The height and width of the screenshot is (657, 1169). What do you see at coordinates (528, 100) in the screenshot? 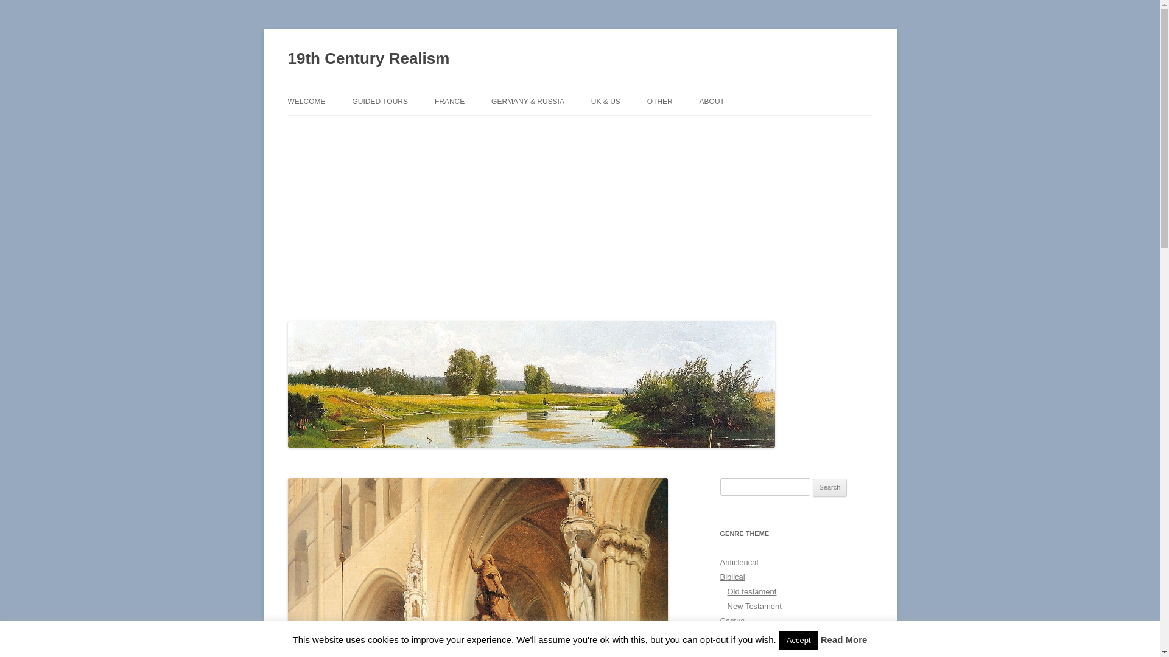
I see `'GERMANY & RUSSIA'` at bounding box center [528, 100].